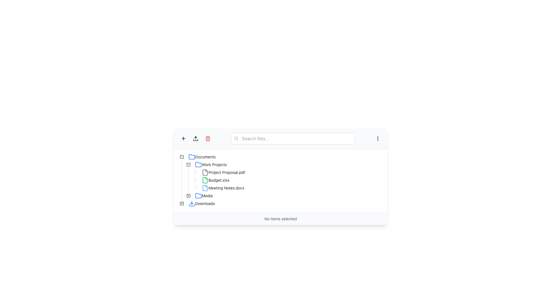 The image size is (533, 300). What do you see at coordinates (182, 157) in the screenshot?
I see `the toggle button or expander icon located to the left of the 'Documents' label in the tree-view structure` at bounding box center [182, 157].